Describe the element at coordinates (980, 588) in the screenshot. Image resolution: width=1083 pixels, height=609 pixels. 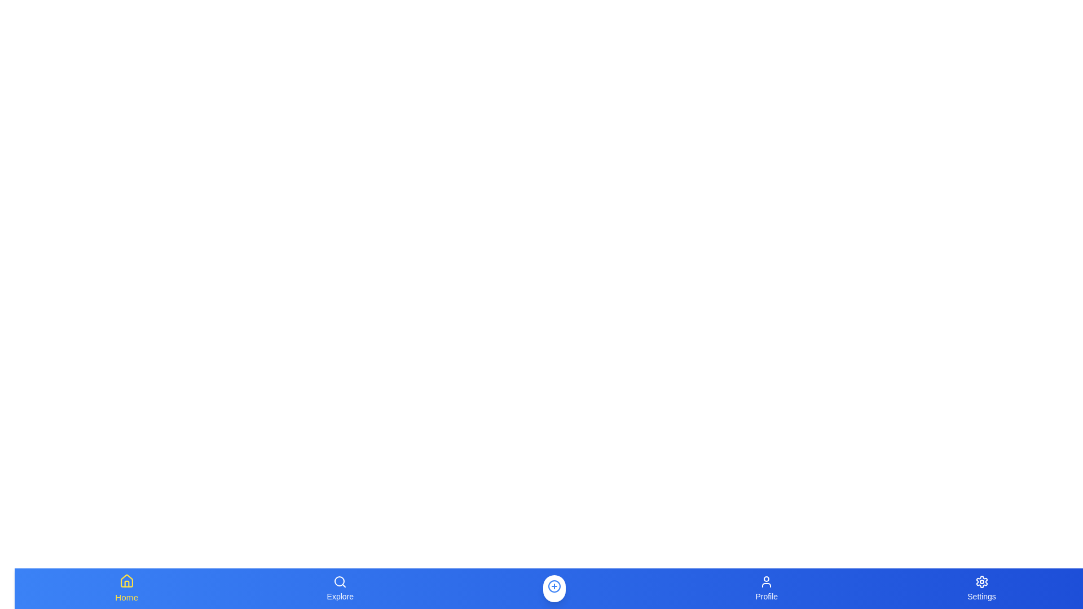
I see `the Settings button in the navigation bar to navigate to the corresponding section` at that location.